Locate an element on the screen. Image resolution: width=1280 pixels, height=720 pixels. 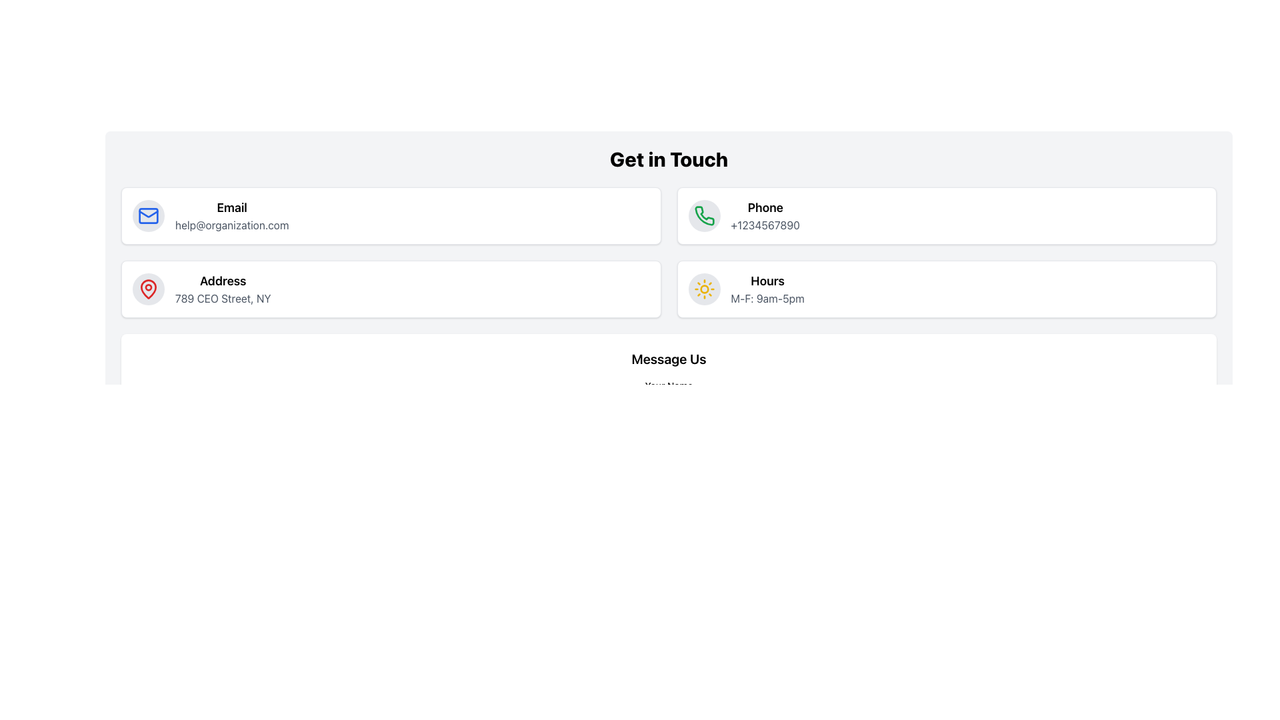
the text label that says 'Your Name', which is located below the header 'Message Us' and above the input field placeholder 'e.g., Jane Smith' is located at coordinates (669, 385).